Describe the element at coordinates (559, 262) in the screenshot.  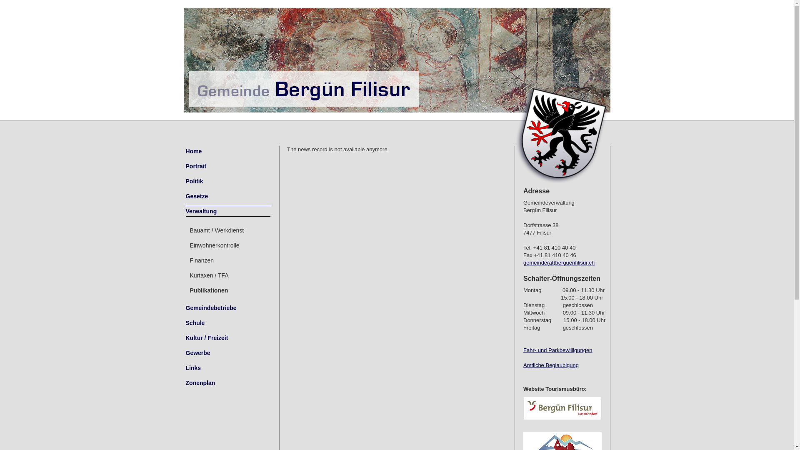
I see `'gemeinde(at)berguenfilisur.ch'` at that location.